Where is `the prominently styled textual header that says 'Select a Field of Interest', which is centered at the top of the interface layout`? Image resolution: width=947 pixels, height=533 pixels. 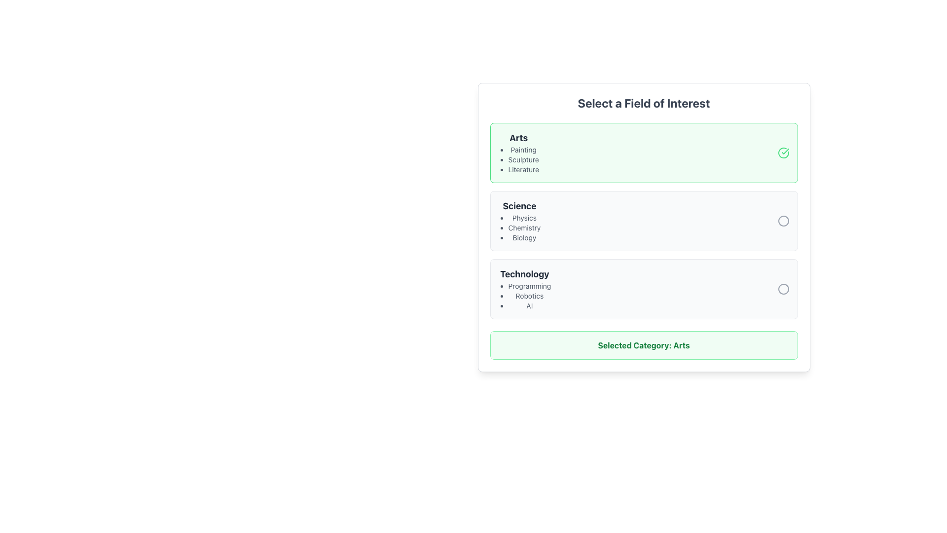 the prominently styled textual header that says 'Select a Field of Interest', which is centered at the top of the interface layout is located at coordinates (644, 103).